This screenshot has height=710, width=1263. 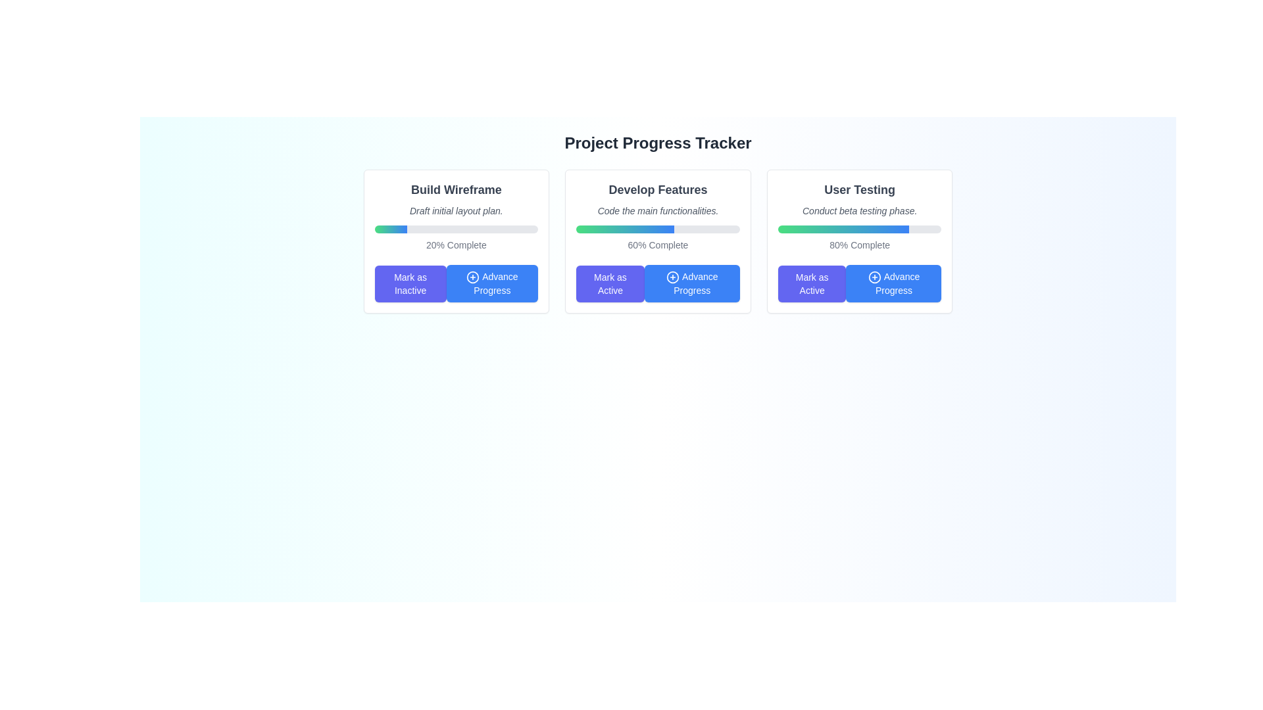 What do you see at coordinates (456, 245) in the screenshot?
I see `the text label that indicates the percentage of completion below the progress bar in the 'Build Wireframe' card` at bounding box center [456, 245].